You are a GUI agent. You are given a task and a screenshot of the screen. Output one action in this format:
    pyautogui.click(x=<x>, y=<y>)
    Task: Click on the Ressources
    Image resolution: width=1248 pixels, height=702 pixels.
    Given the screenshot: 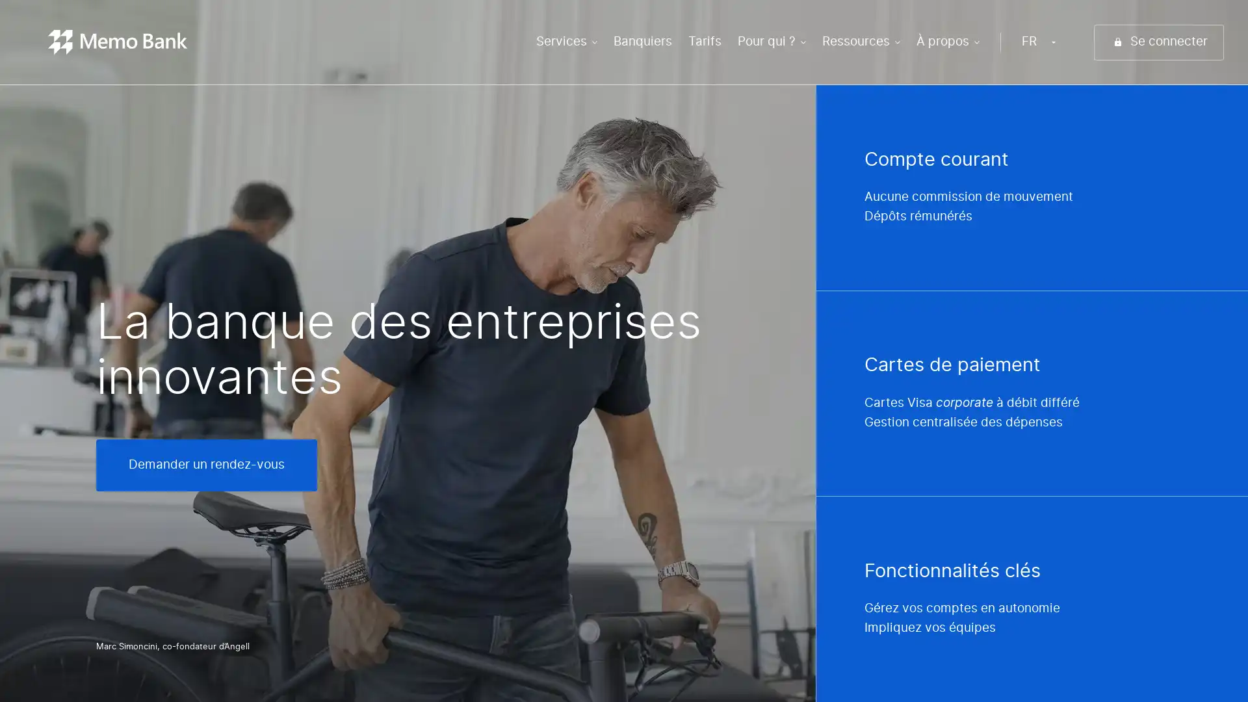 What is the action you would take?
    pyautogui.click(x=861, y=42)
    